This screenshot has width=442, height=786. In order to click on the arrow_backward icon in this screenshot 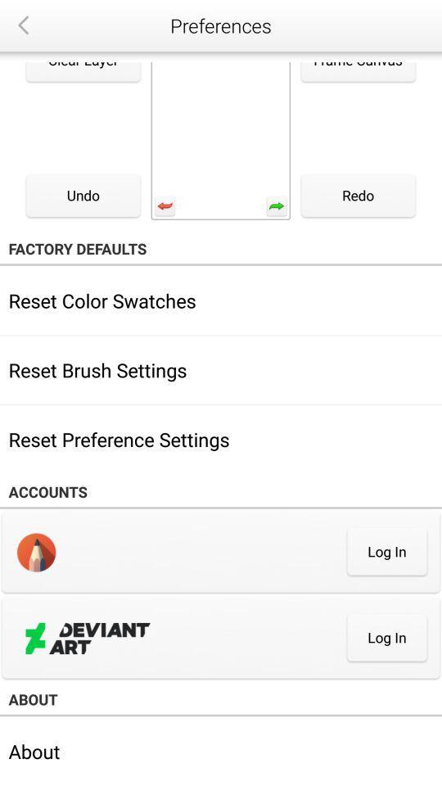, I will do `click(22, 25)`.